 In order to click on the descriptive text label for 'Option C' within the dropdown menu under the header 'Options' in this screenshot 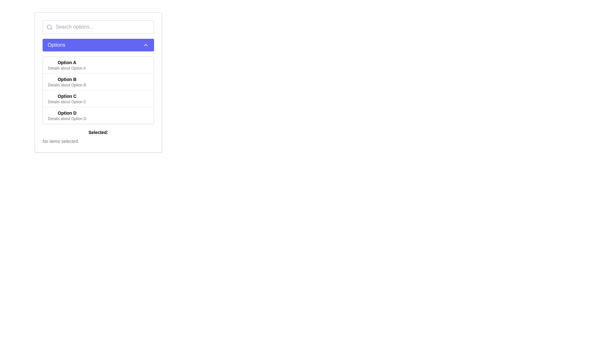, I will do `click(67, 101)`.